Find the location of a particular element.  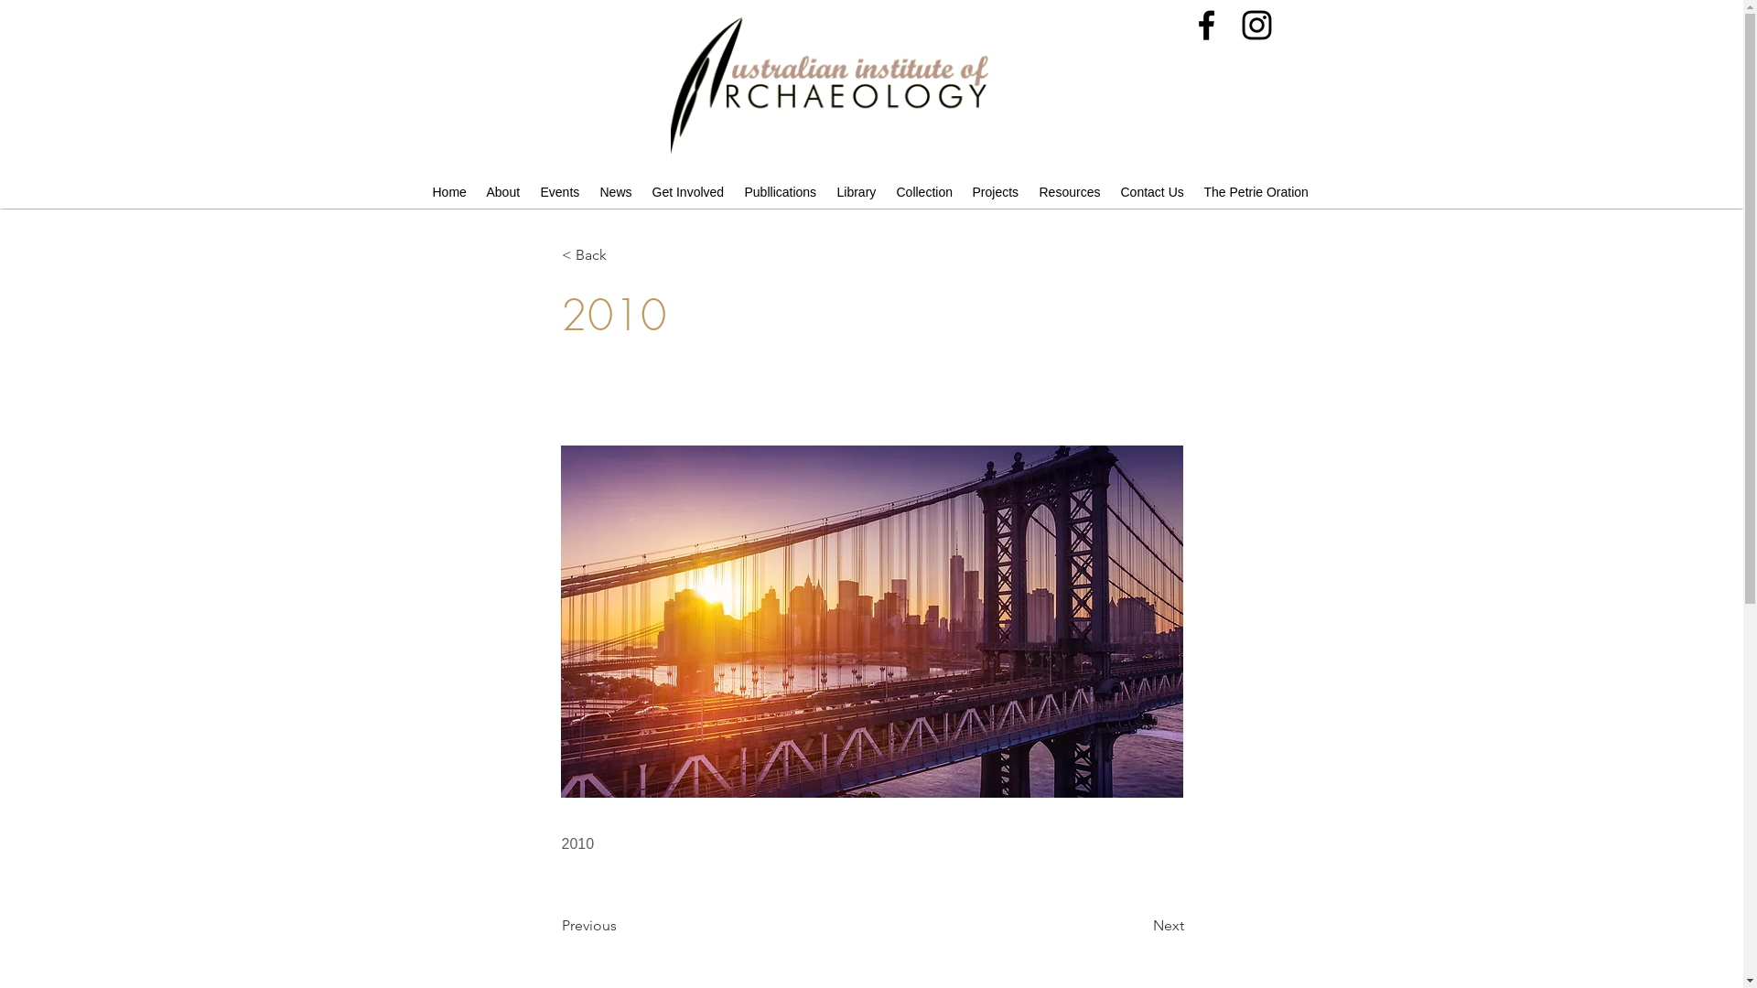

'Next' is located at coordinates (1137, 925).